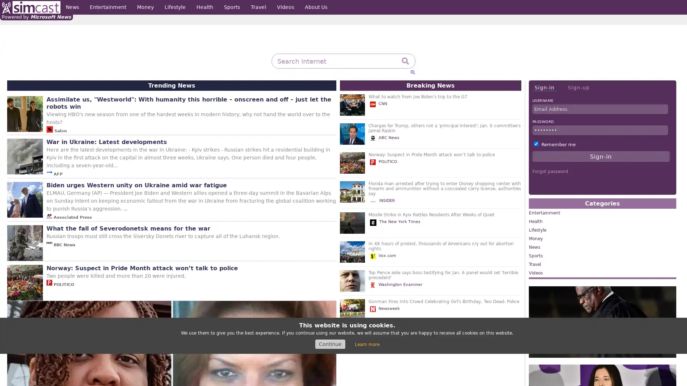 The width and height of the screenshot is (687, 386). I want to click on Sign-in, so click(601, 156).